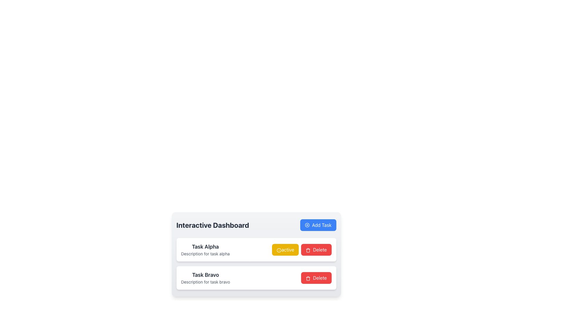  Describe the element at coordinates (283, 278) in the screenshot. I see `the 'pending' status button located in the second task row labeled 'Task Bravo', positioned` at that location.